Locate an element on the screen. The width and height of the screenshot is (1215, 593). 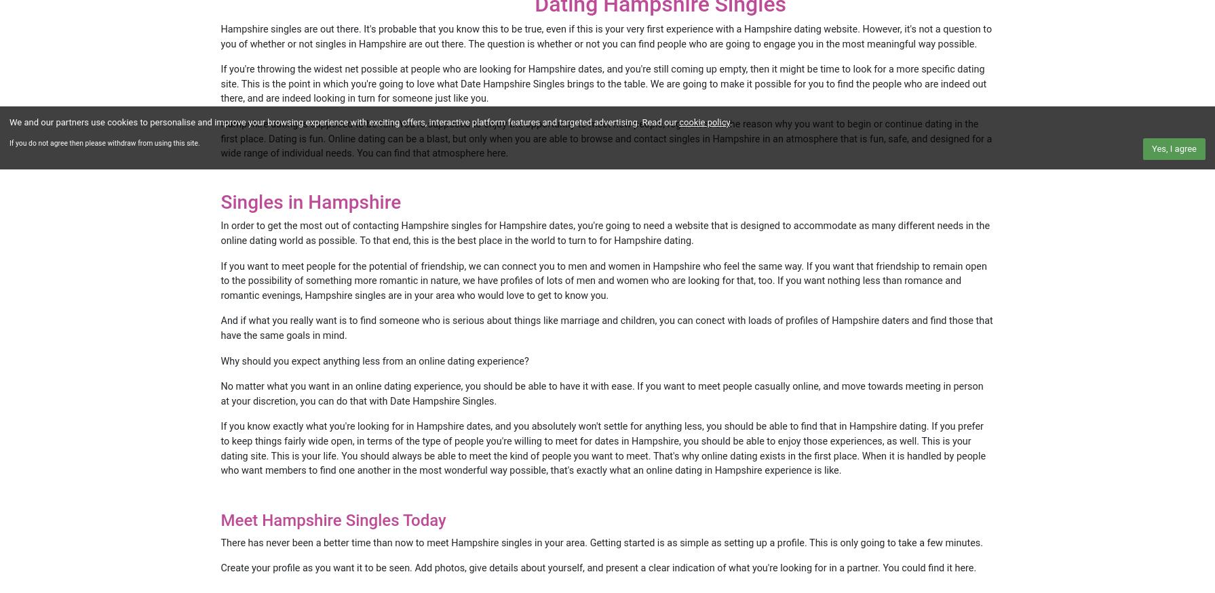
'There has never been a better time than now to meet Hampshire singles in your area. Getting started is as simple as setting up a profile. This is only going to take a few minutes.' is located at coordinates (220, 541).